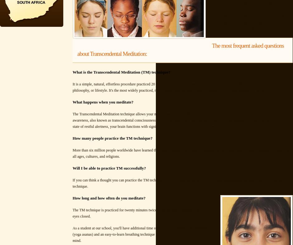  I want to click on 'Will I be able to practice TM successfully?', so click(109, 168).